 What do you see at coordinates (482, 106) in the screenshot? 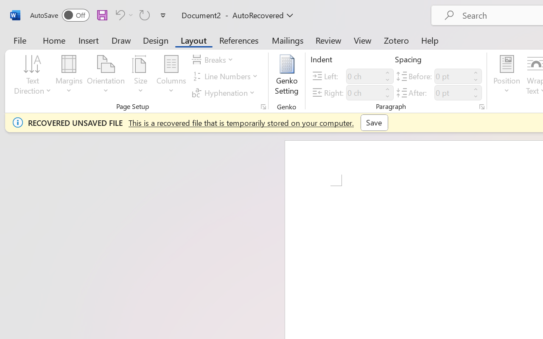
I see `'Paragraph...'` at bounding box center [482, 106].